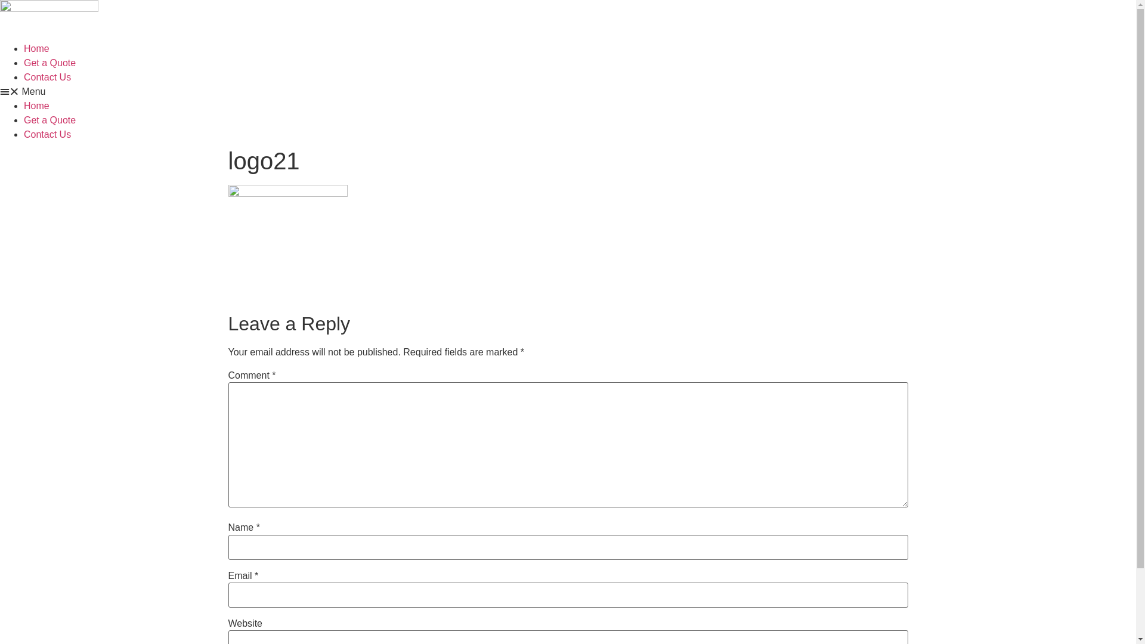  Describe the element at coordinates (47, 134) in the screenshot. I see `'Contact Us'` at that location.